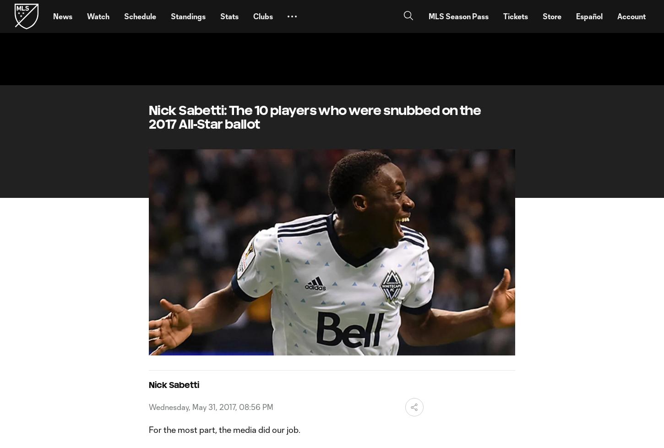 The height and width of the screenshot is (448, 664). I want to click on 'Account', so click(631, 16).